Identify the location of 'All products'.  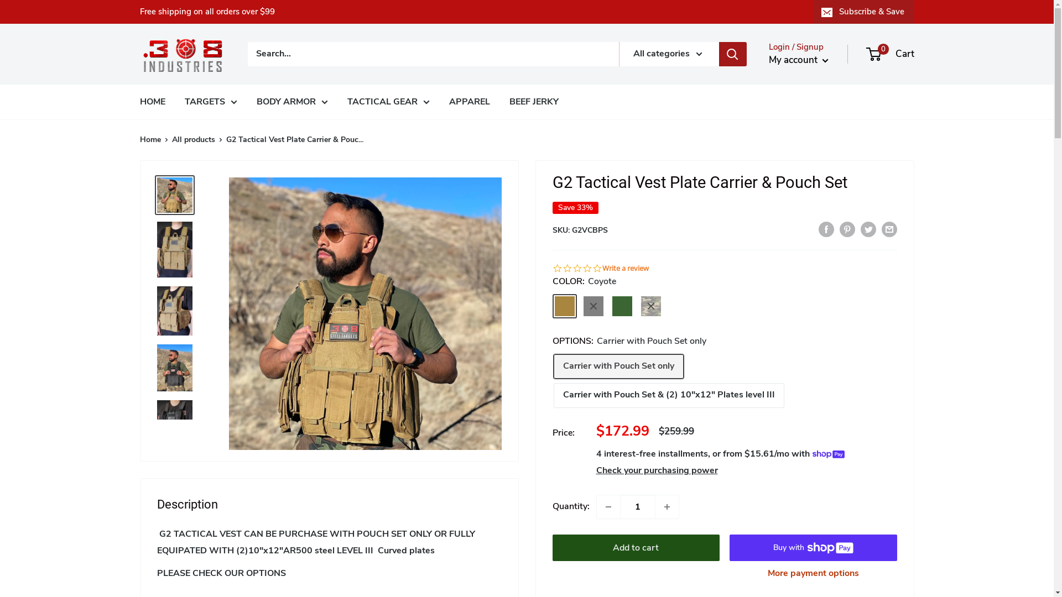
(171, 139).